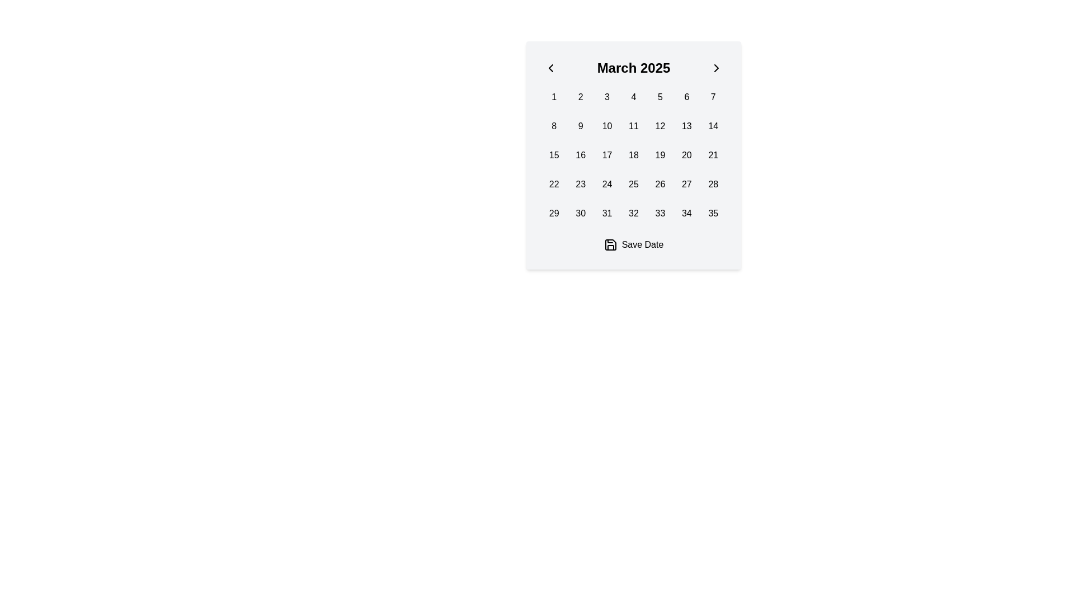 The image size is (1074, 604). What do you see at coordinates (660, 96) in the screenshot?
I see `the square button labeled '5' with a light gray background in the calendar grid` at bounding box center [660, 96].